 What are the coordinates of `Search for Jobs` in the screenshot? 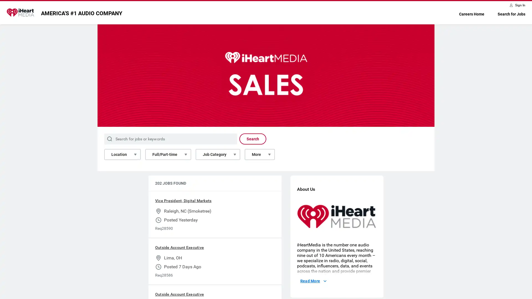 It's located at (511, 14).